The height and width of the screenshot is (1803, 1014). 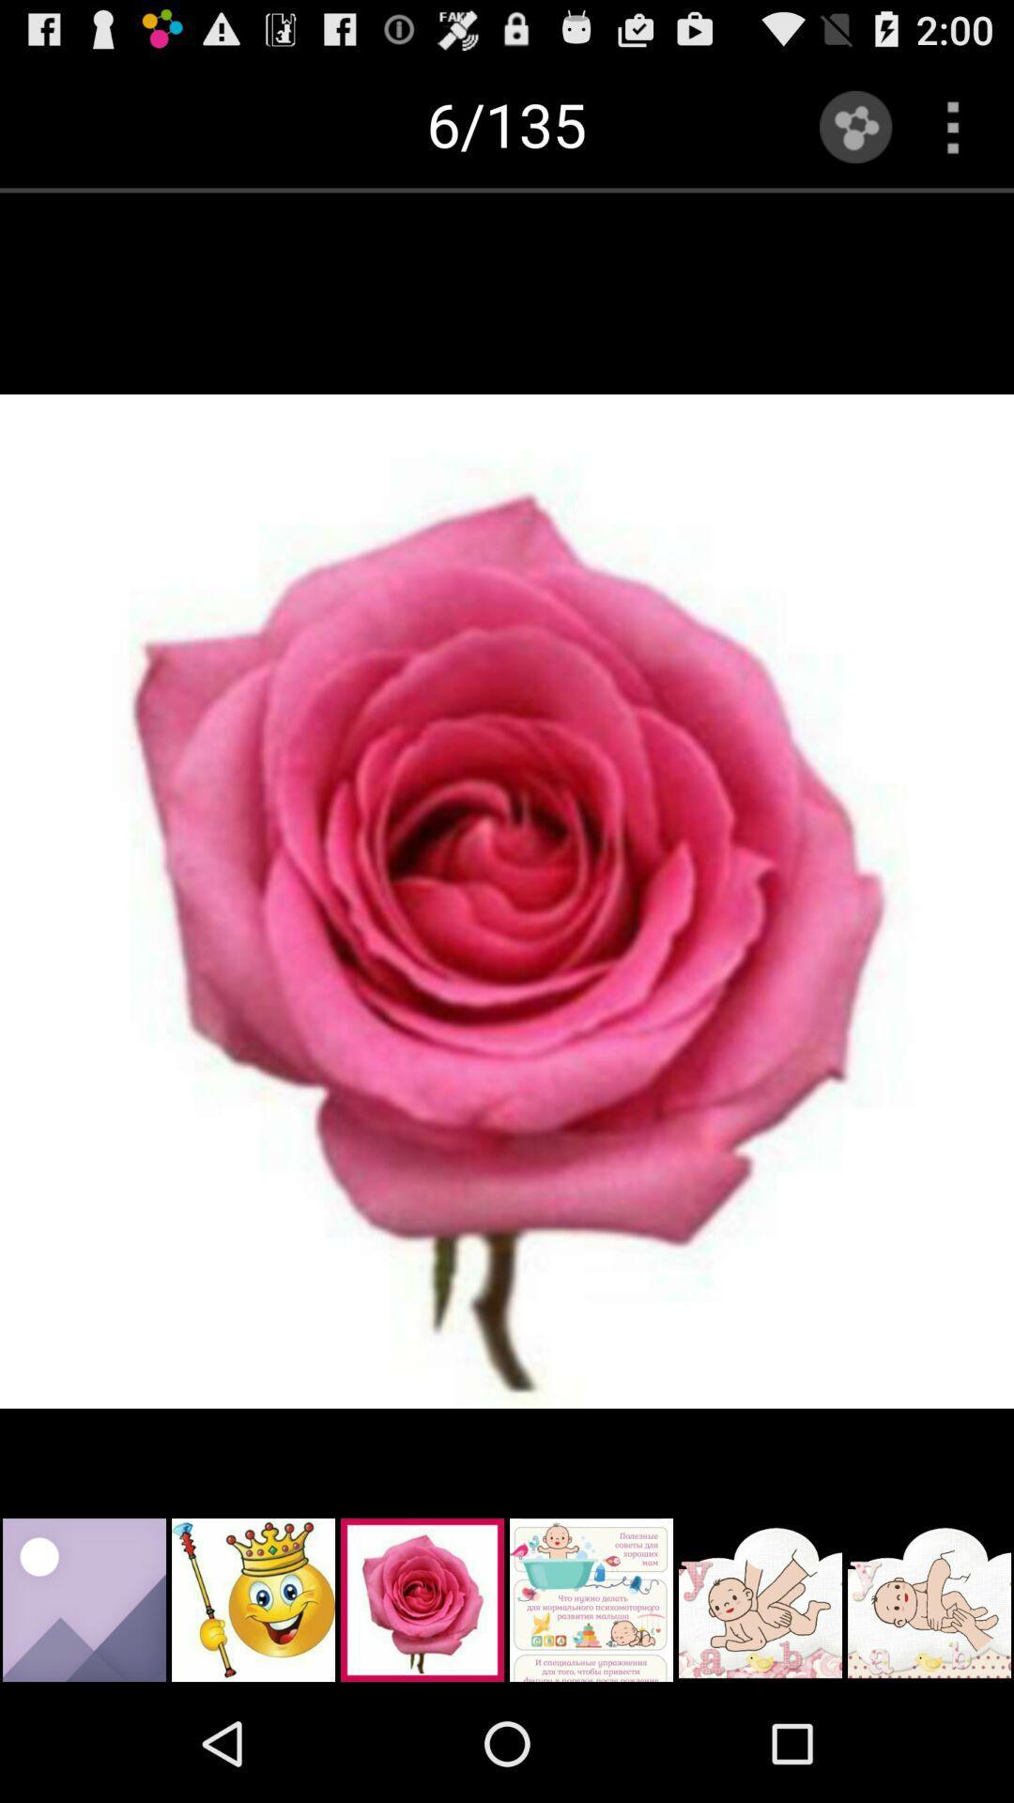 I want to click on the more icon, so click(x=953, y=126).